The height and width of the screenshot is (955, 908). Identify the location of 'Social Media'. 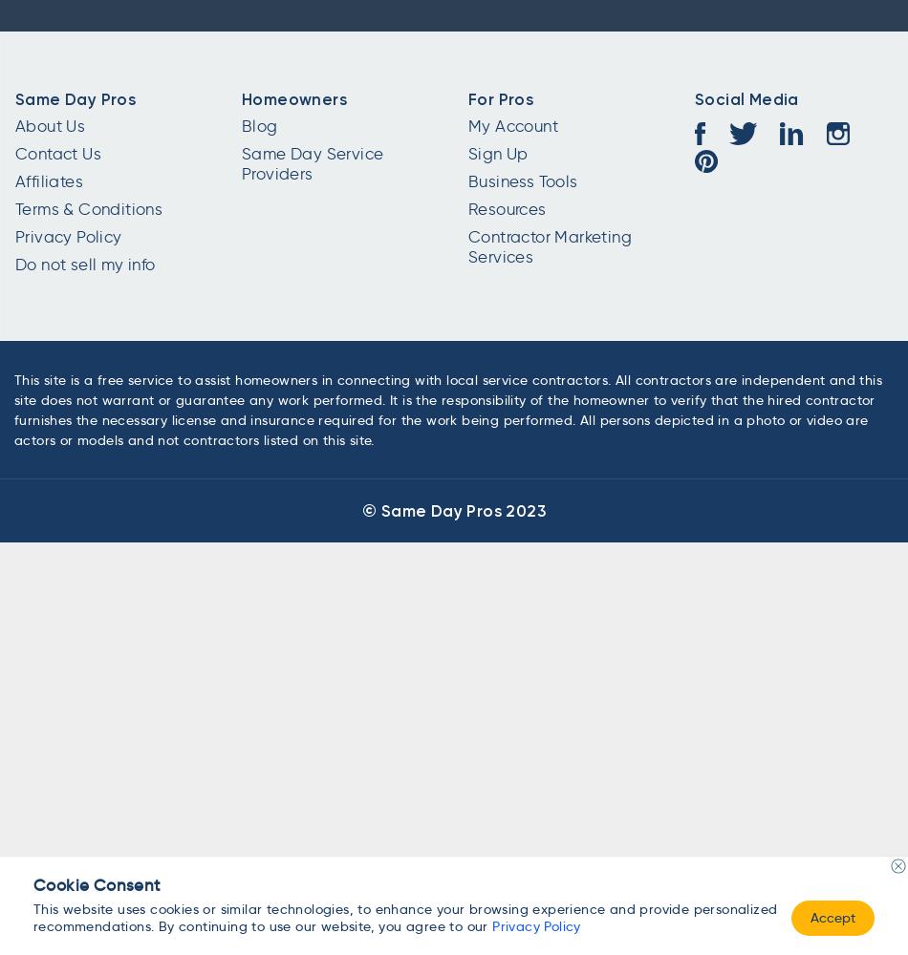
(745, 97).